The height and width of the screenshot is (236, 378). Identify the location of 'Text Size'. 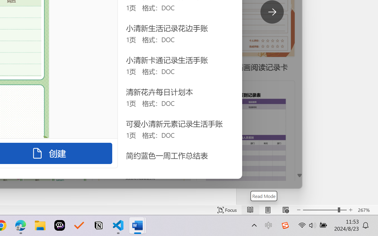
(325, 210).